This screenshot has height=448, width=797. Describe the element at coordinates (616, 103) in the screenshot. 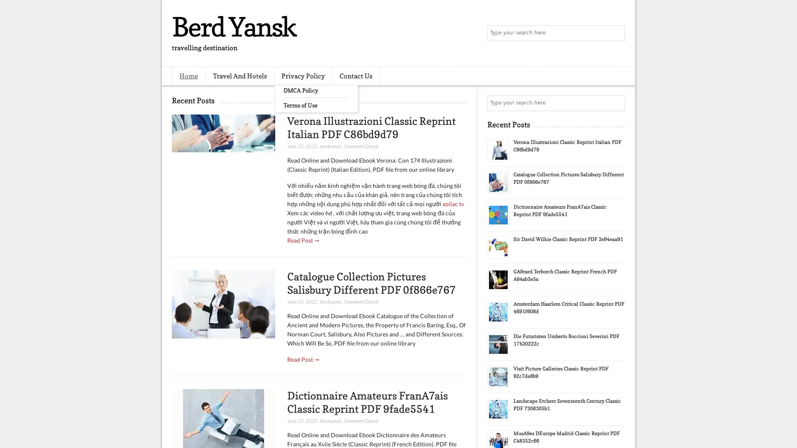

I see `Search` at that location.